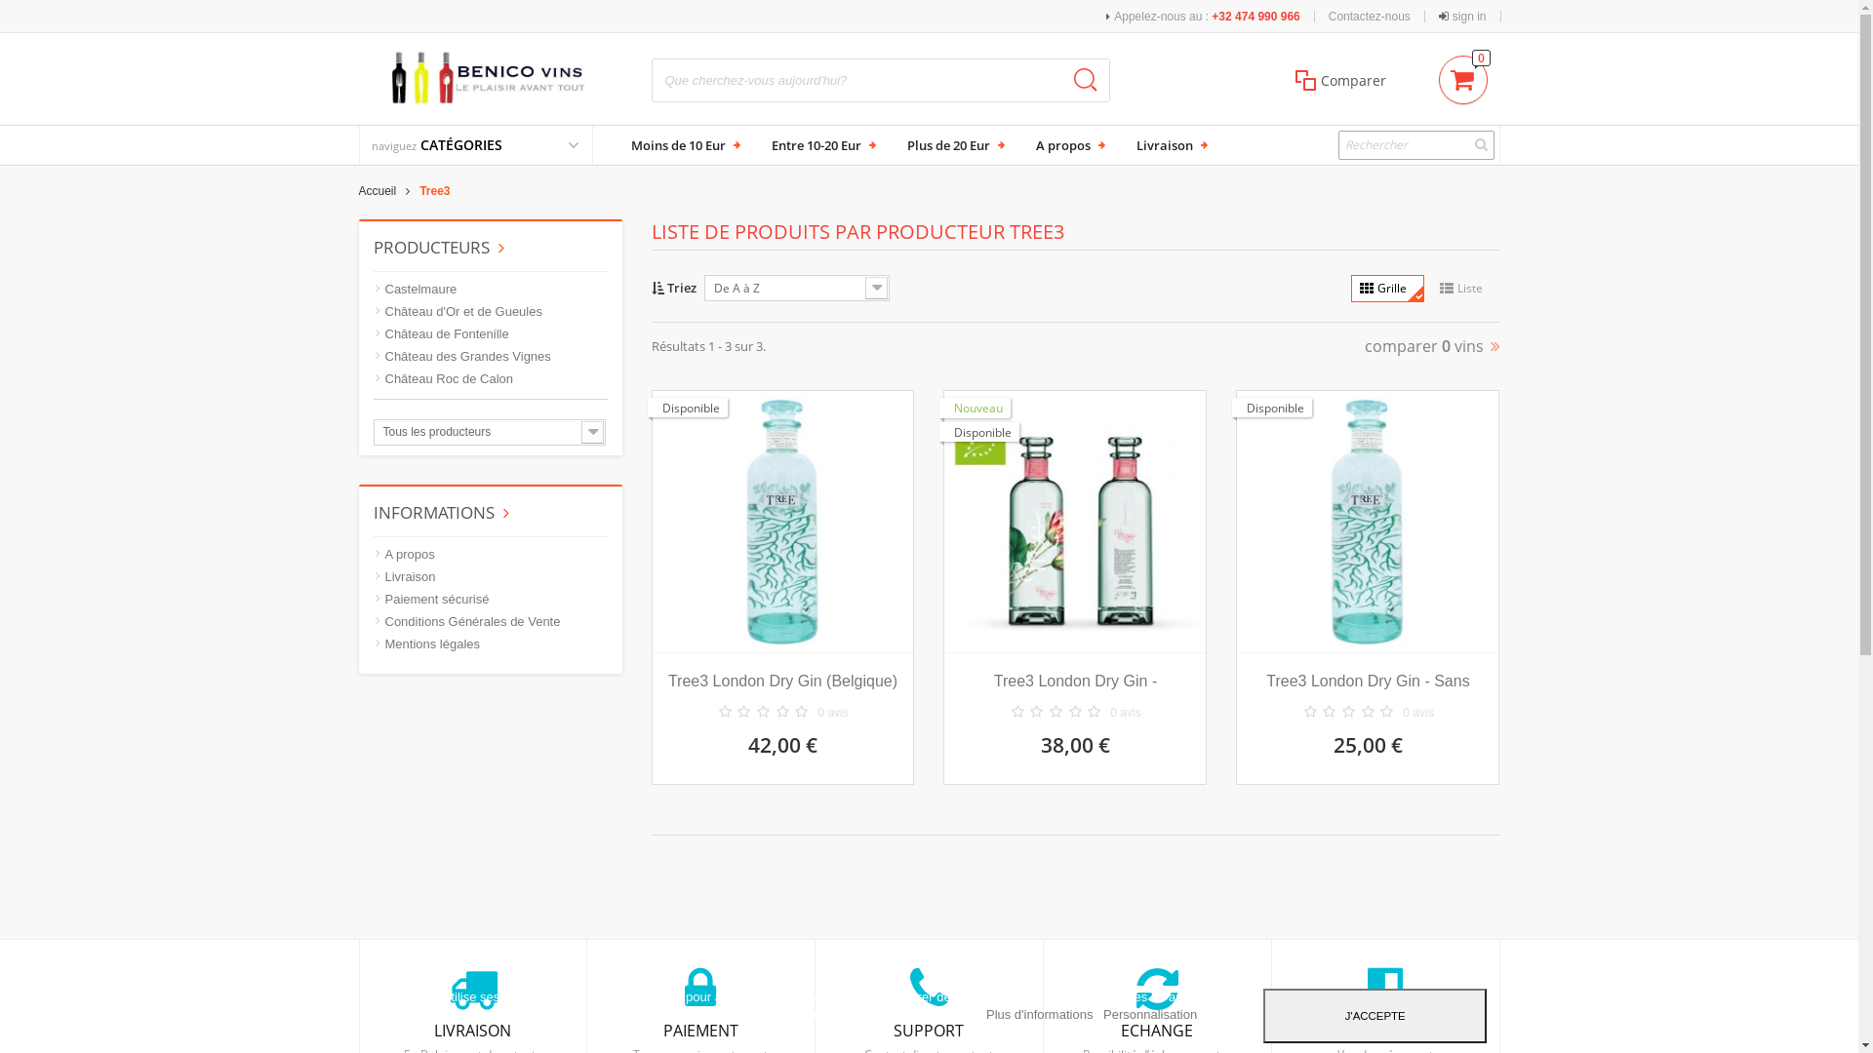 Image resolution: width=1873 pixels, height=1053 pixels. Describe the element at coordinates (762, 144) in the screenshot. I see `'Entre 10-20 Eur'` at that location.